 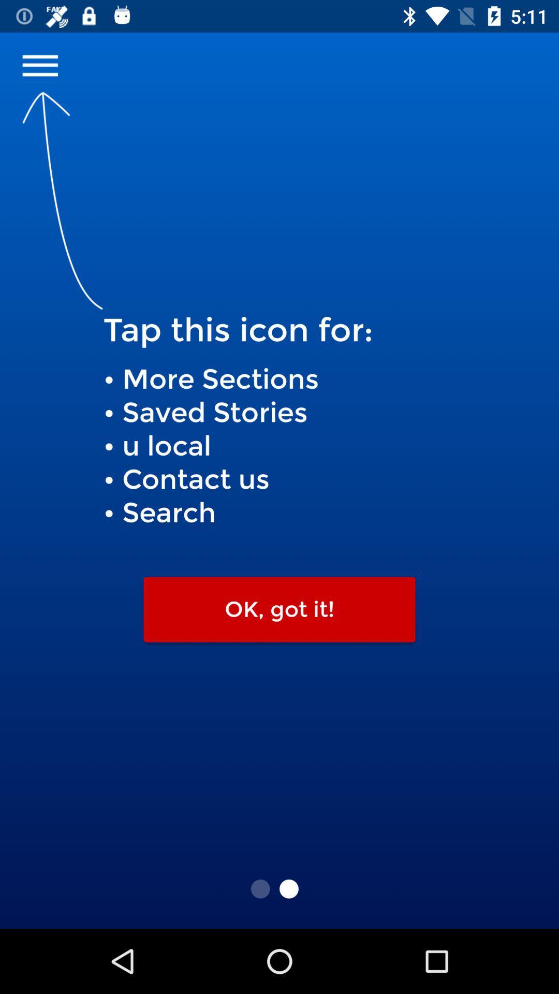 I want to click on the ok, got it!, so click(x=279, y=609).